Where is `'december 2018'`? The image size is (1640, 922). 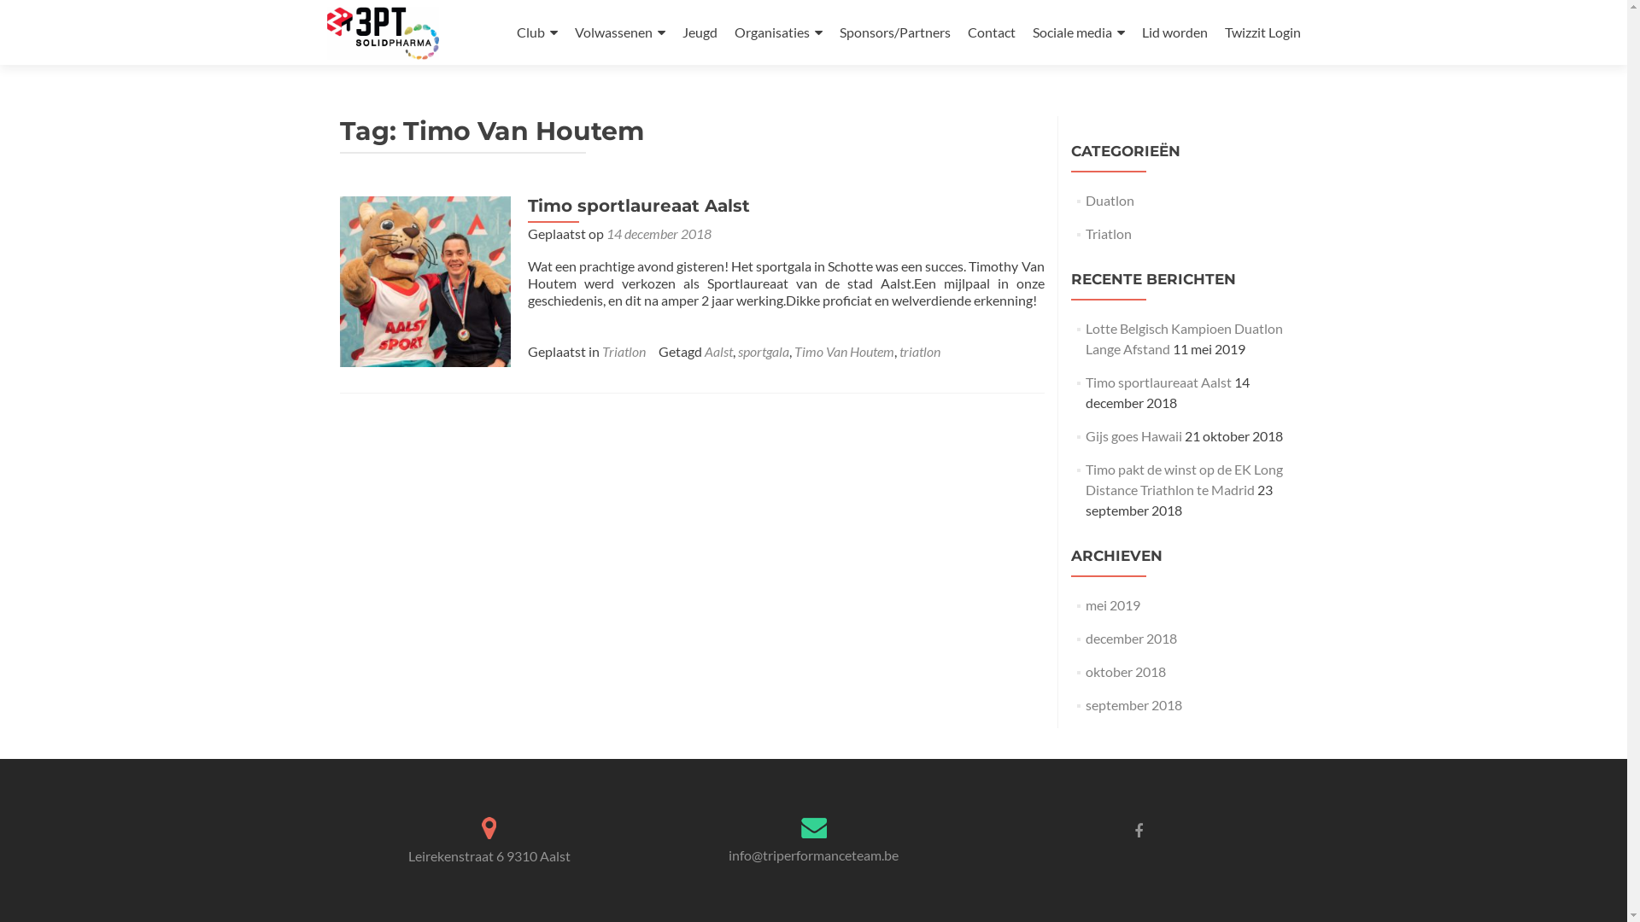
'december 2018' is located at coordinates (1131, 638).